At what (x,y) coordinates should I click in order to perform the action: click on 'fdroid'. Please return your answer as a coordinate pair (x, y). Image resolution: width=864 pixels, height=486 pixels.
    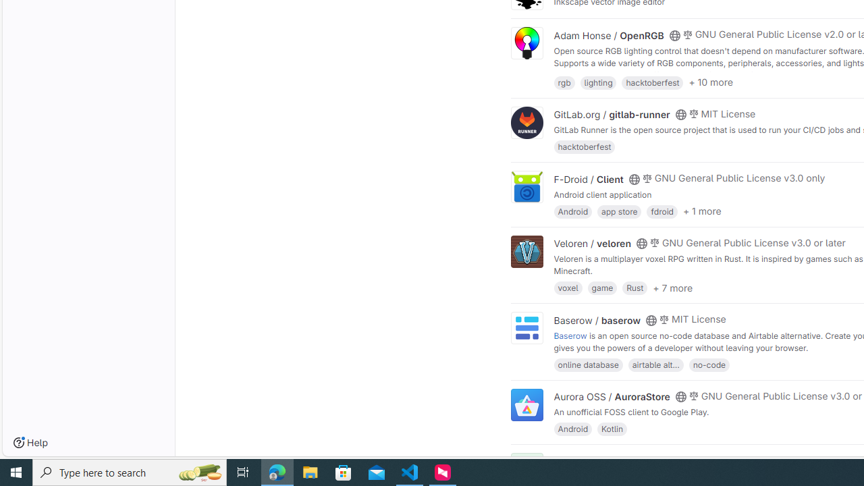
    Looking at the image, I should click on (662, 211).